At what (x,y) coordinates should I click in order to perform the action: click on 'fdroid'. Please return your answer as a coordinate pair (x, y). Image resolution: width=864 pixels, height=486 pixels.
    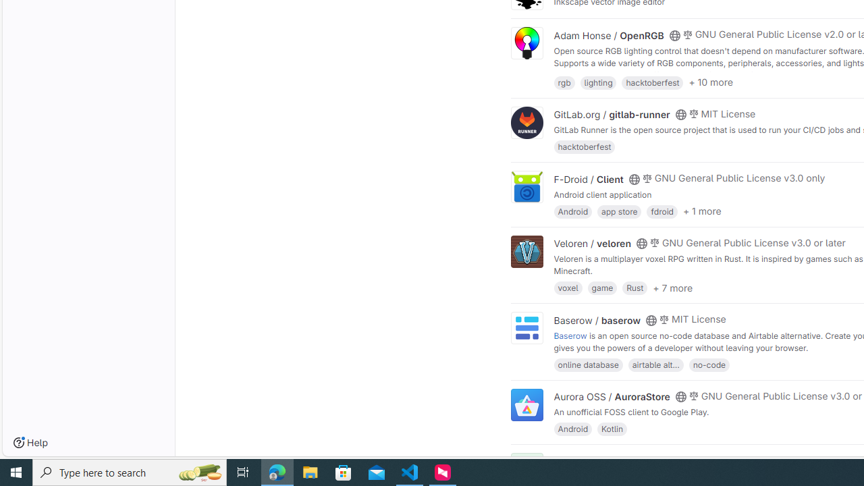
    Looking at the image, I should click on (662, 211).